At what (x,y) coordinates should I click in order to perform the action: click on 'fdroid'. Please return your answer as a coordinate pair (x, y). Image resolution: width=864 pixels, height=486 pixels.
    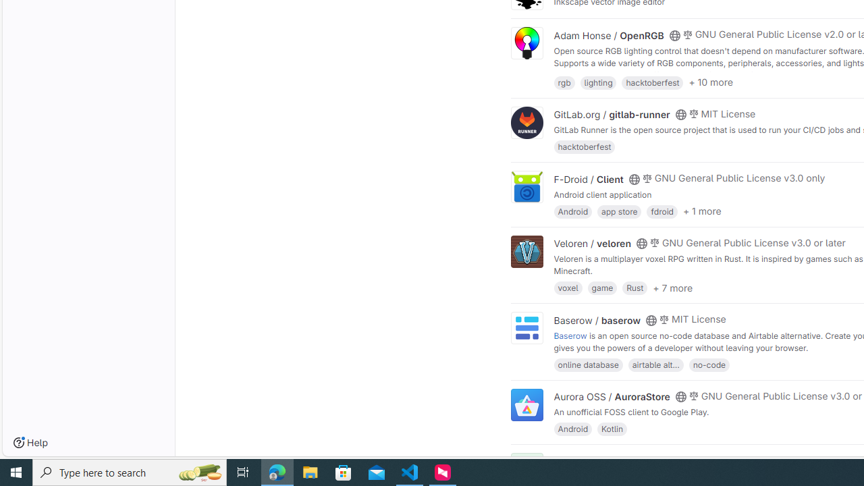
    Looking at the image, I should click on (662, 211).